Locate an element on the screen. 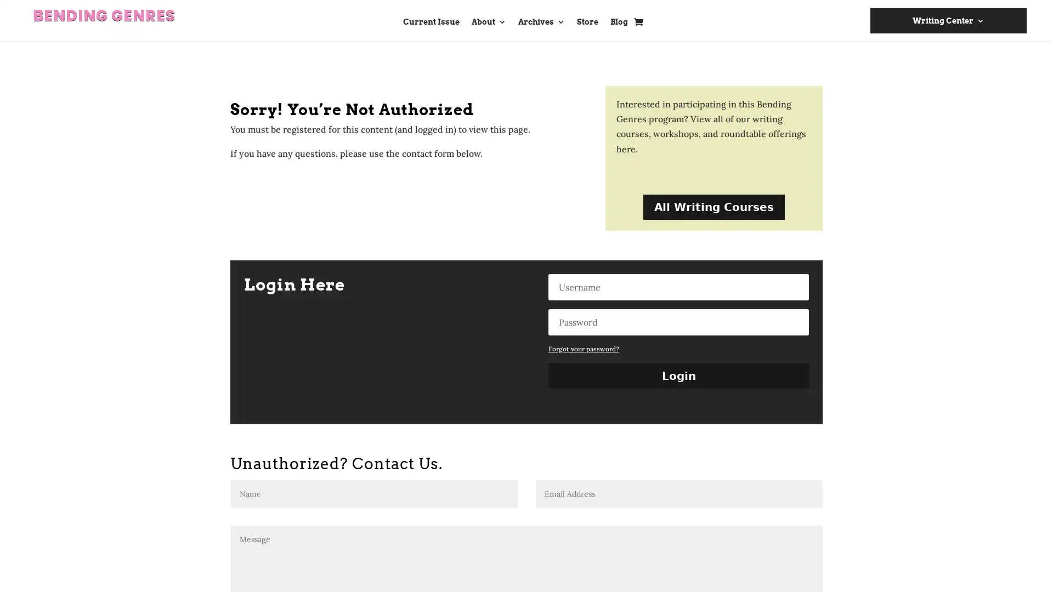 This screenshot has height=592, width=1053. Login is located at coordinates (678, 375).